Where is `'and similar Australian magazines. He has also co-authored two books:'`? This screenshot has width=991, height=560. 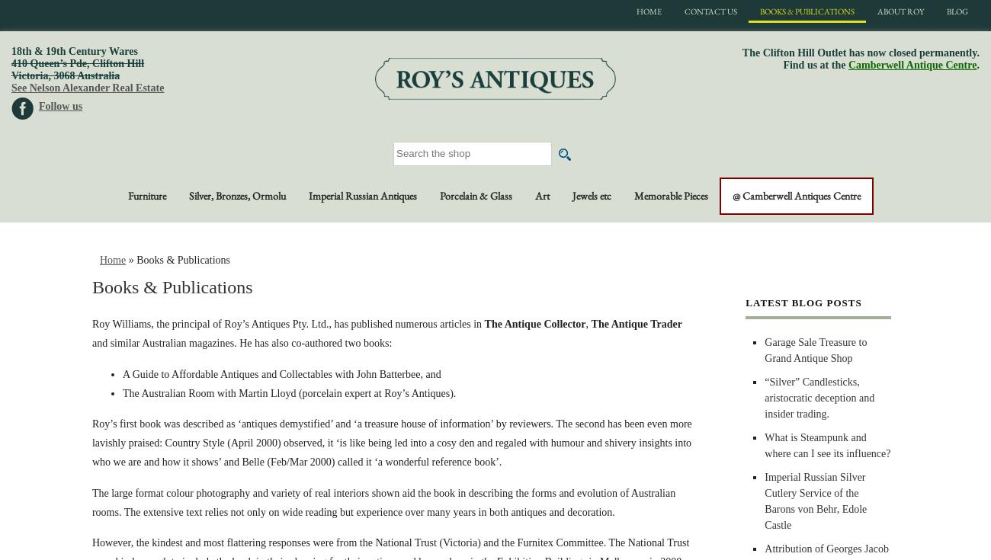
'and similar Australian magazines. He has also co-authored two books:' is located at coordinates (241, 342).